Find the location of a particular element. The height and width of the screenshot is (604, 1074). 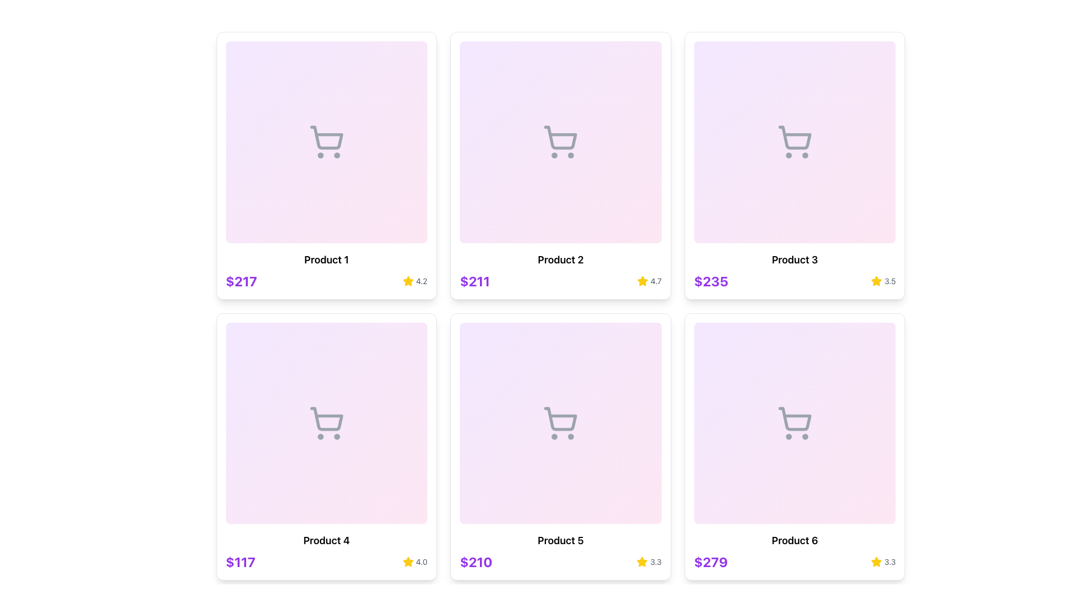

the yellow star-shaped rating icon is located at coordinates (642, 562).